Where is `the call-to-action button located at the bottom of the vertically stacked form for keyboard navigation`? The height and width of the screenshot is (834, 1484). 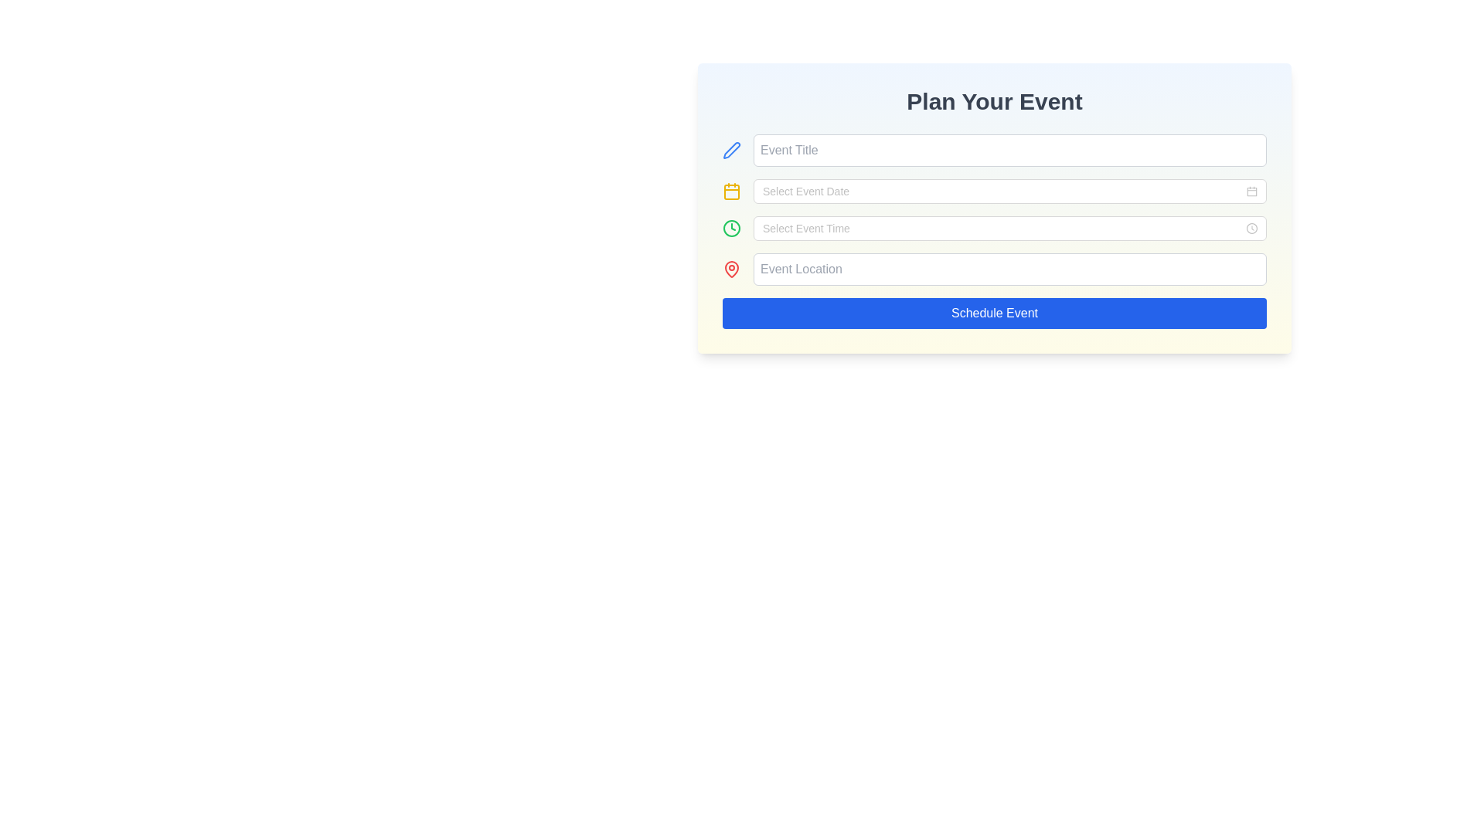
the call-to-action button located at the bottom of the vertically stacked form for keyboard navigation is located at coordinates (994, 313).